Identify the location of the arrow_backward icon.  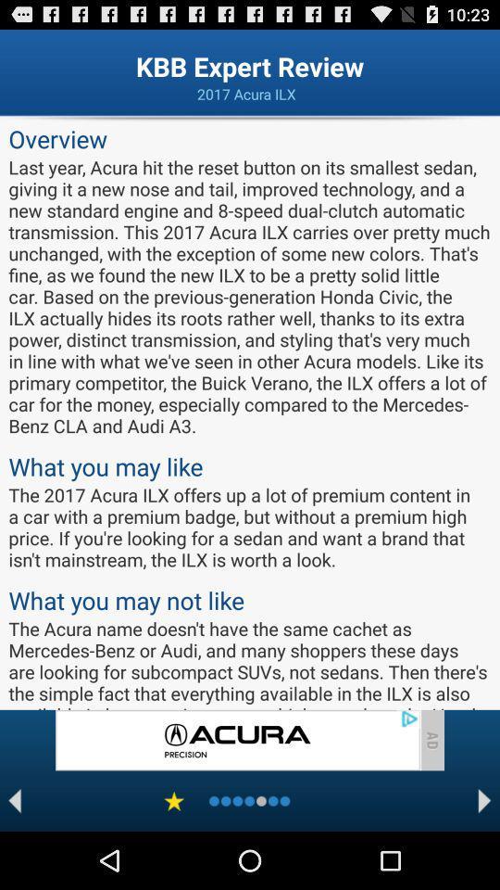
(14, 857).